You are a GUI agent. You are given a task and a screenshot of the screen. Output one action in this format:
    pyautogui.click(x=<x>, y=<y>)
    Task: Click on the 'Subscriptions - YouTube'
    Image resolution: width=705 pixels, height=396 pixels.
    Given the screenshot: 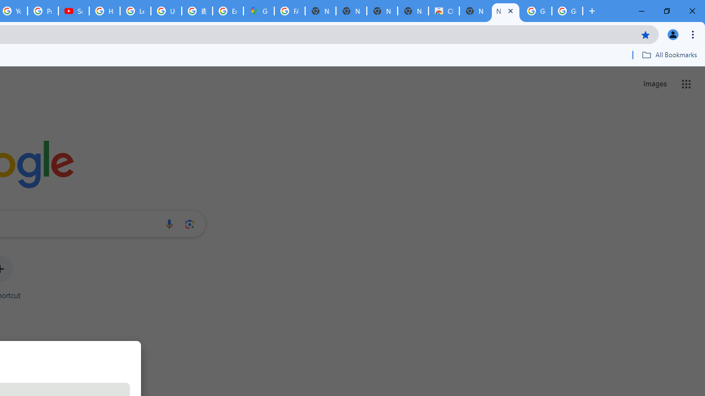 What is the action you would take?
    pyautogui.click(x=73, y=11)
    